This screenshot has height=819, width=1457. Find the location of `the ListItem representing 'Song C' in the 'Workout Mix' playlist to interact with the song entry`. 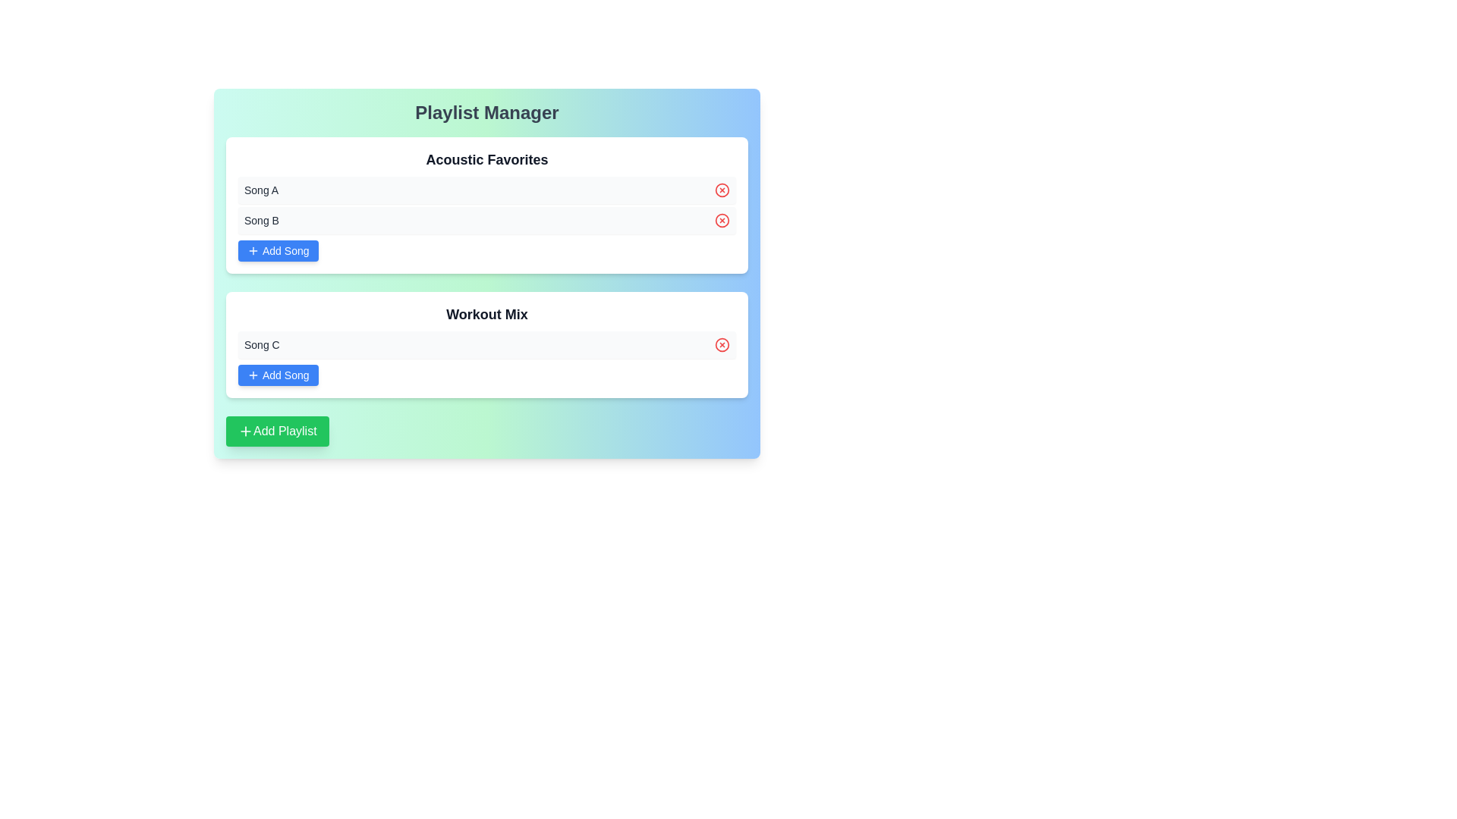

the ListItem representing 'Song C' in the 'Workout Mix' playlist to interact with the song entry is located at coordinates (487, 345).